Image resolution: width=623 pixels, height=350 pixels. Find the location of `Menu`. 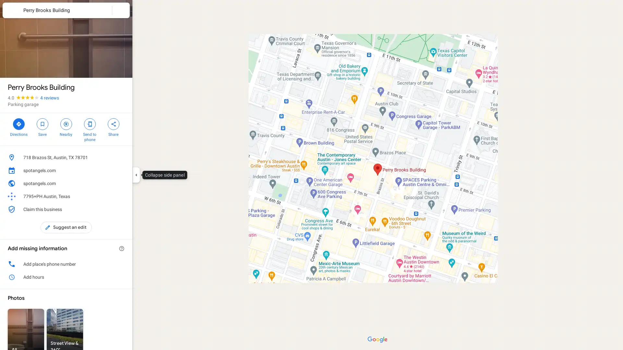

Menu is located at coordinates (11, 11).